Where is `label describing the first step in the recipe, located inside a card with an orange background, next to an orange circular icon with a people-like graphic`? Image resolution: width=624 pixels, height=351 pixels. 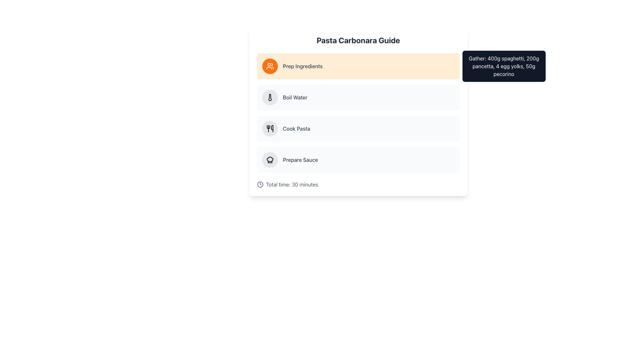
label describing the first step in the recipe, located inside a card with an orange background, next to an orange circular icon with a people-like graphic is located at coordinates (302, 66).